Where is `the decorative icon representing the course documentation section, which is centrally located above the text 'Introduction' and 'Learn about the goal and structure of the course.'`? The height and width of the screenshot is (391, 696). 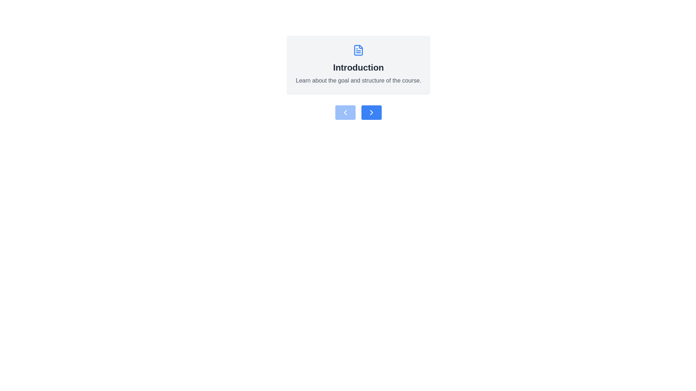
the decorative icon representing the course documentation section, which is centrally located above the text 'Introduction' and 'Learn about the goal and structure of the course.' is located at coordinates (358, 50).